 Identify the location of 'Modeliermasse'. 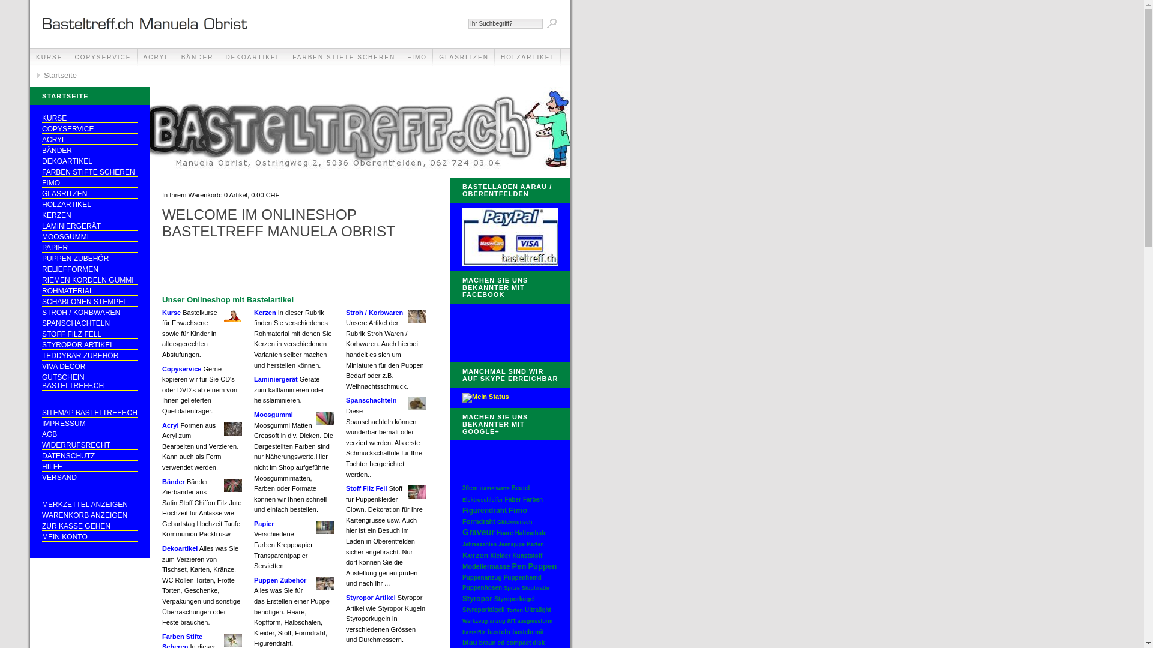
(486, 566).